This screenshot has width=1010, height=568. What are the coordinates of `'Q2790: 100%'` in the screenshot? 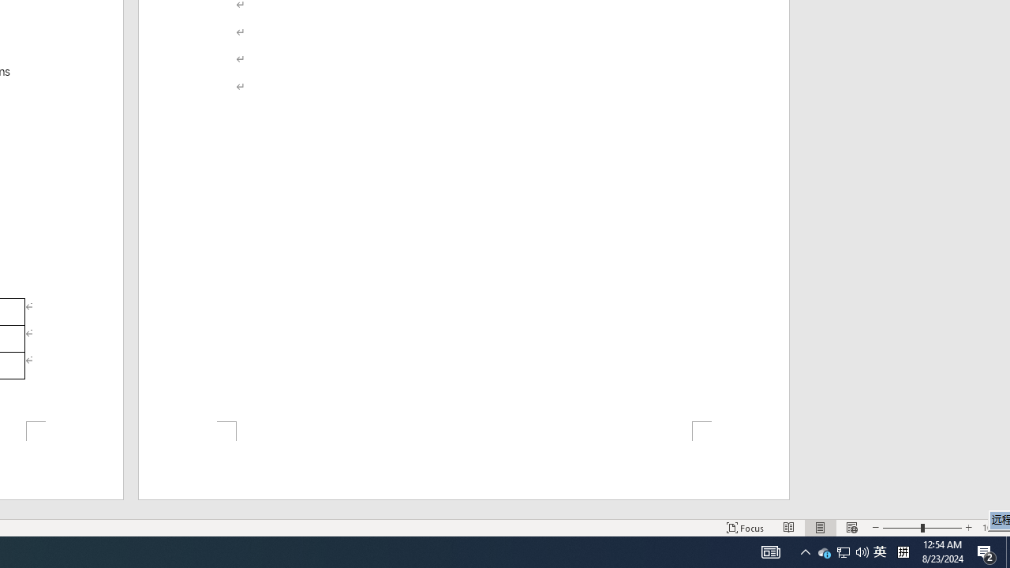 It's located at (862, 551).